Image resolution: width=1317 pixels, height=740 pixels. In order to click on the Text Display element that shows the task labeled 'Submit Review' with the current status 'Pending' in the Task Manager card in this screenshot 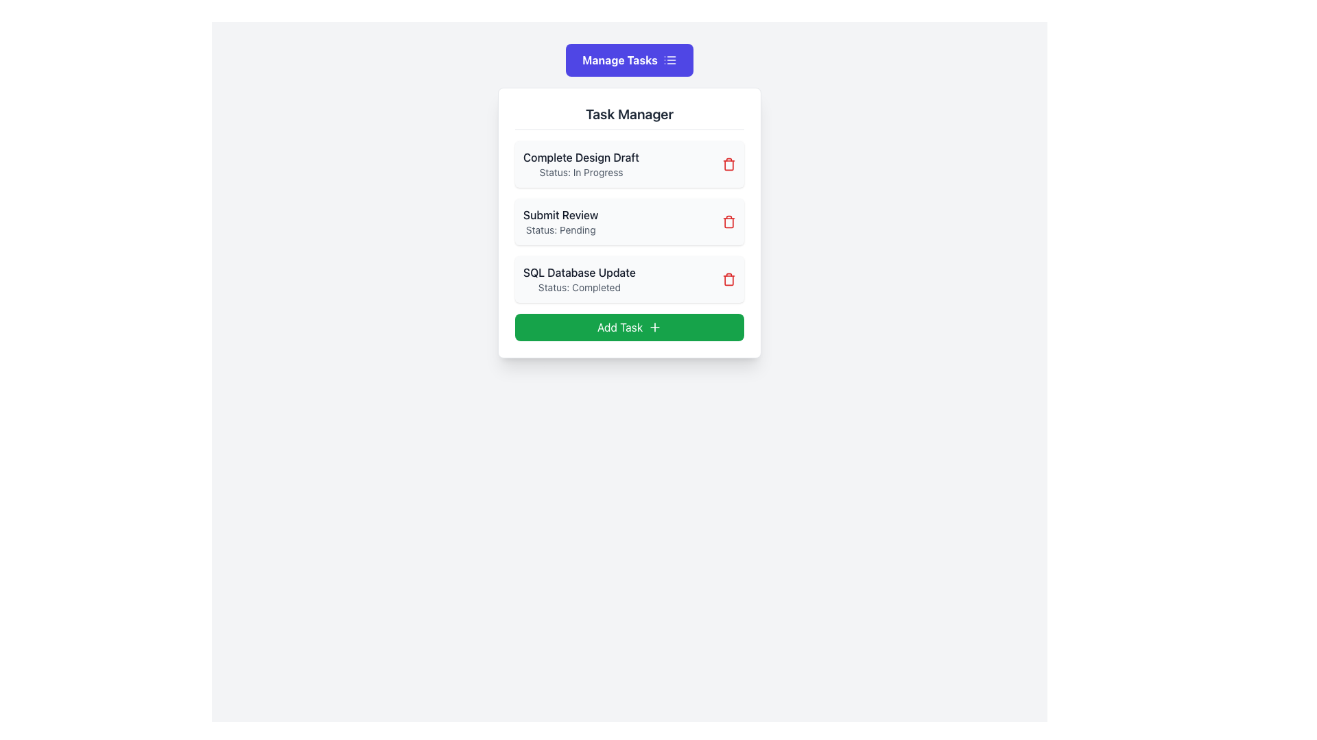, I will do `click(560, 221)`.